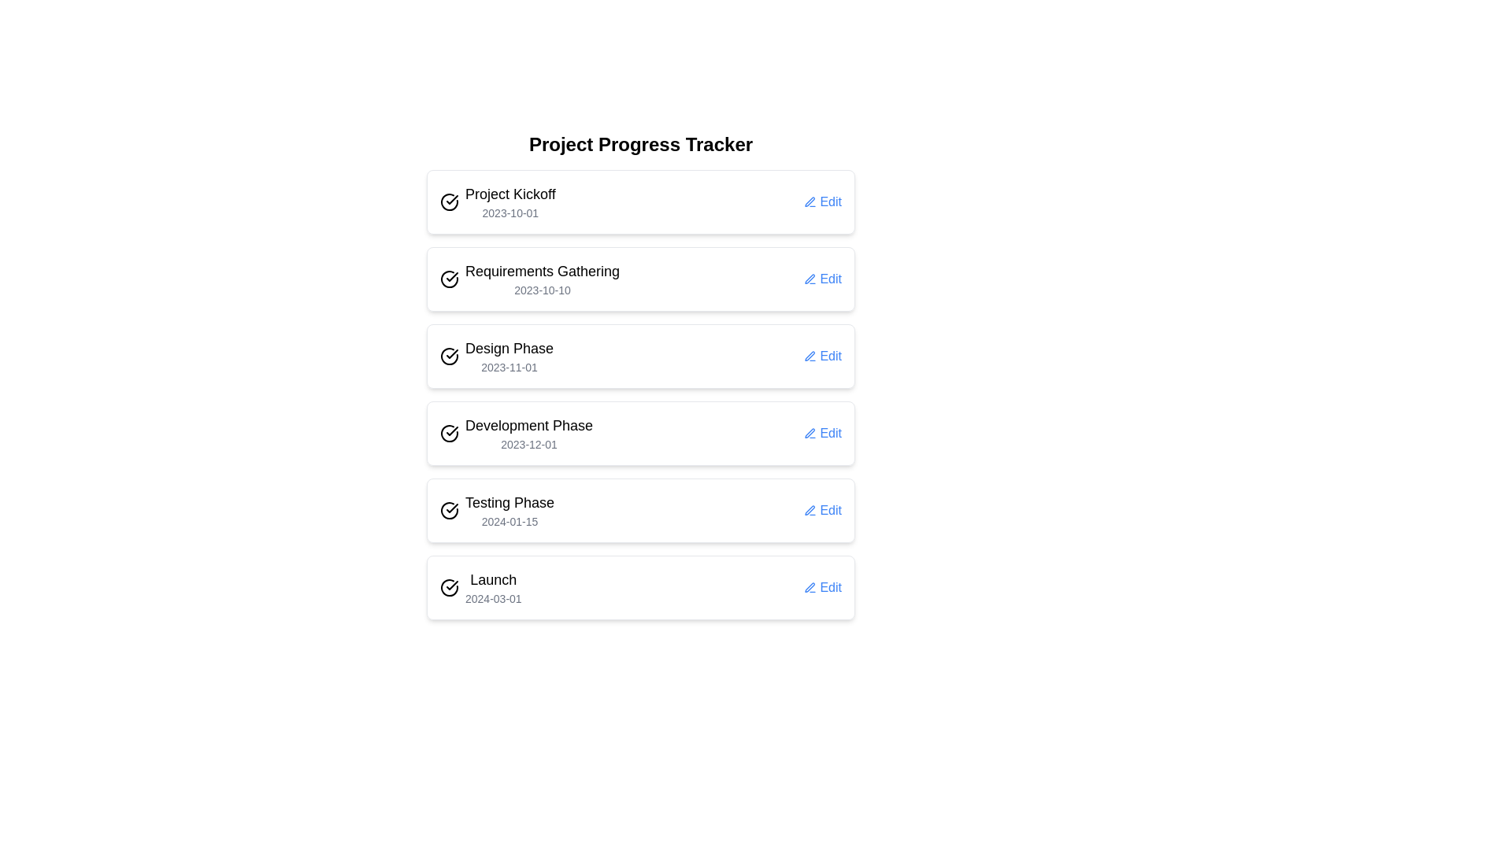 The image size is (1512, 850). What do you see at coordinates (510, 213) in the screenshot?
I see `the static text label indicating the date associated with the 'Project Kickoff' event, which is positioned directly below the 'Project Kickoff' text in the first card of a vertical list layout` at bounding box center [510, 213].